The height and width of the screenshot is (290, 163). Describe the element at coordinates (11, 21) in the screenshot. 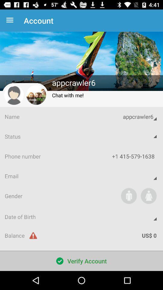

I see `the item next to account` at that location.